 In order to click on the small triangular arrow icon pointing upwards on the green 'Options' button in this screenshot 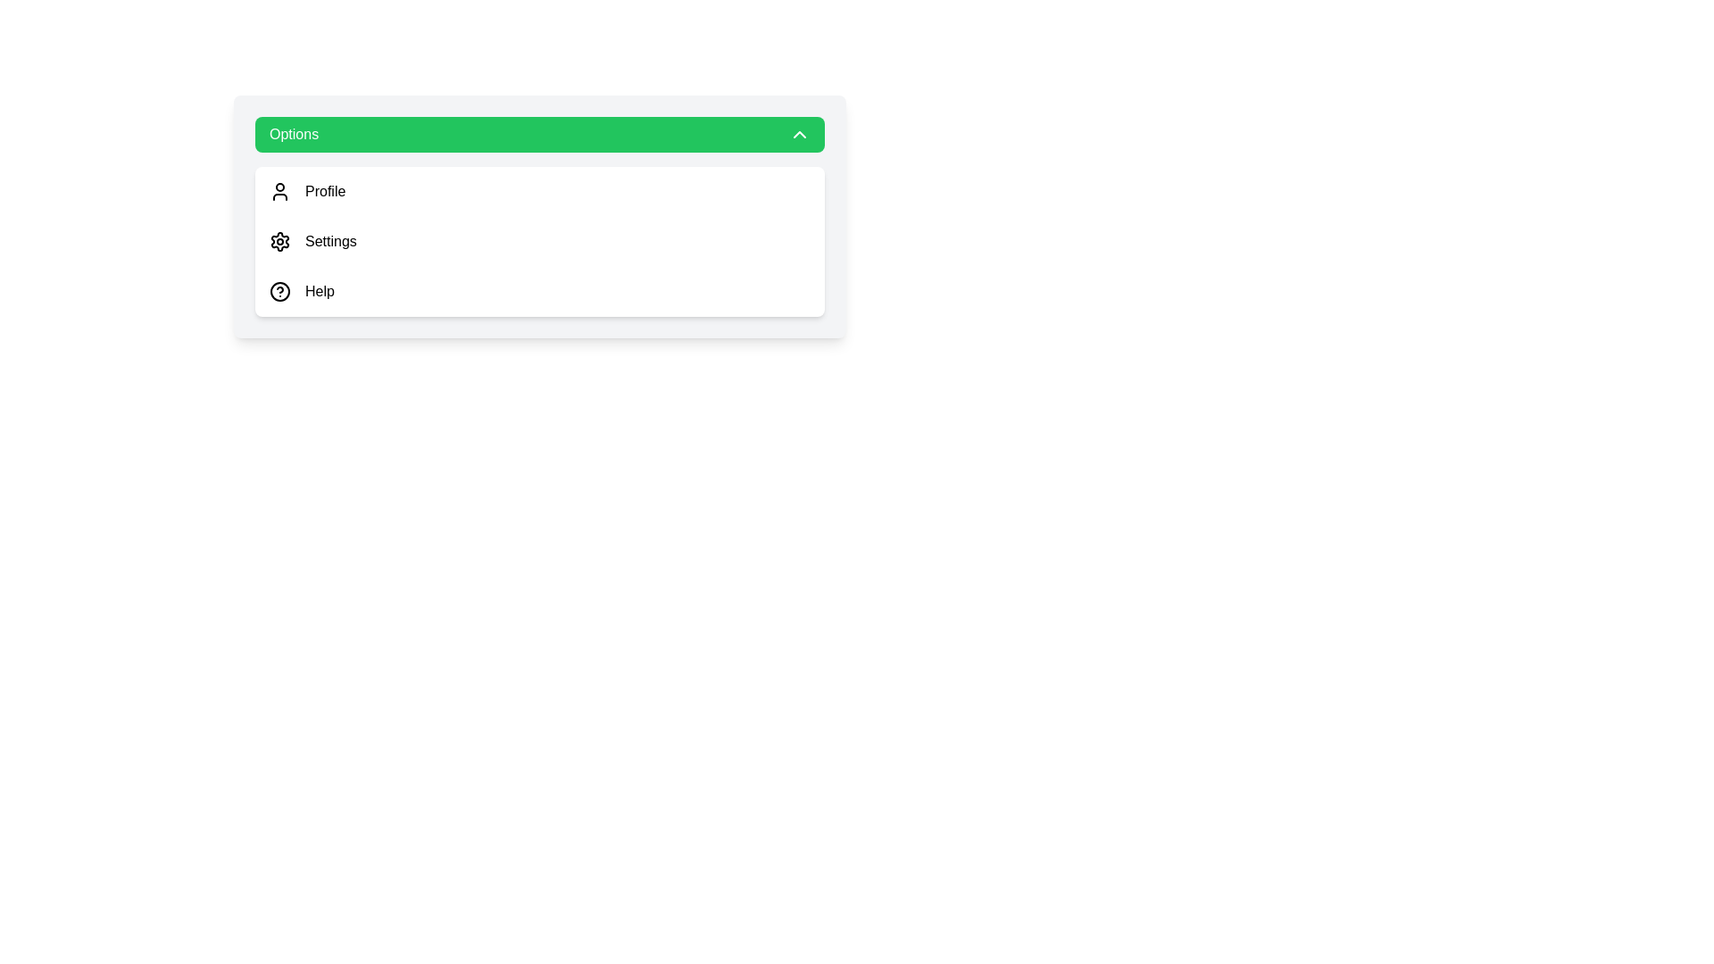, I will do `click(799, 133)`.